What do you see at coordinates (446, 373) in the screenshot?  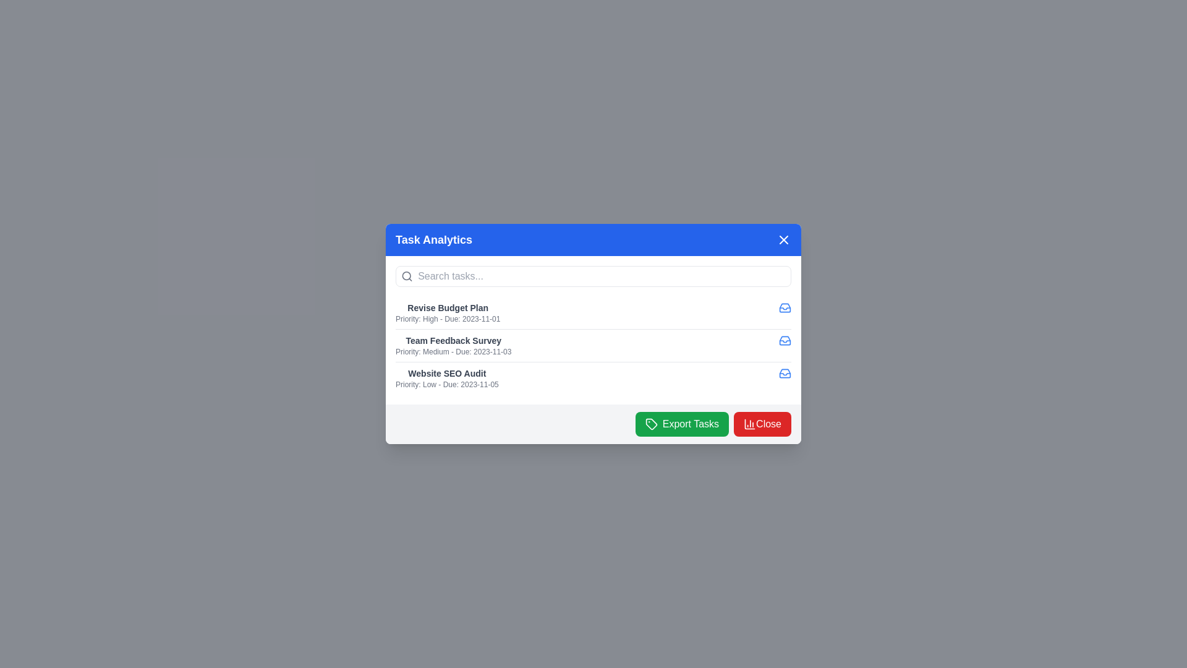 I see `text label displaying 'Website SEO Audit' which is the title of the third task under the 'Task Analytics' header` at bounding box center [446, 373].